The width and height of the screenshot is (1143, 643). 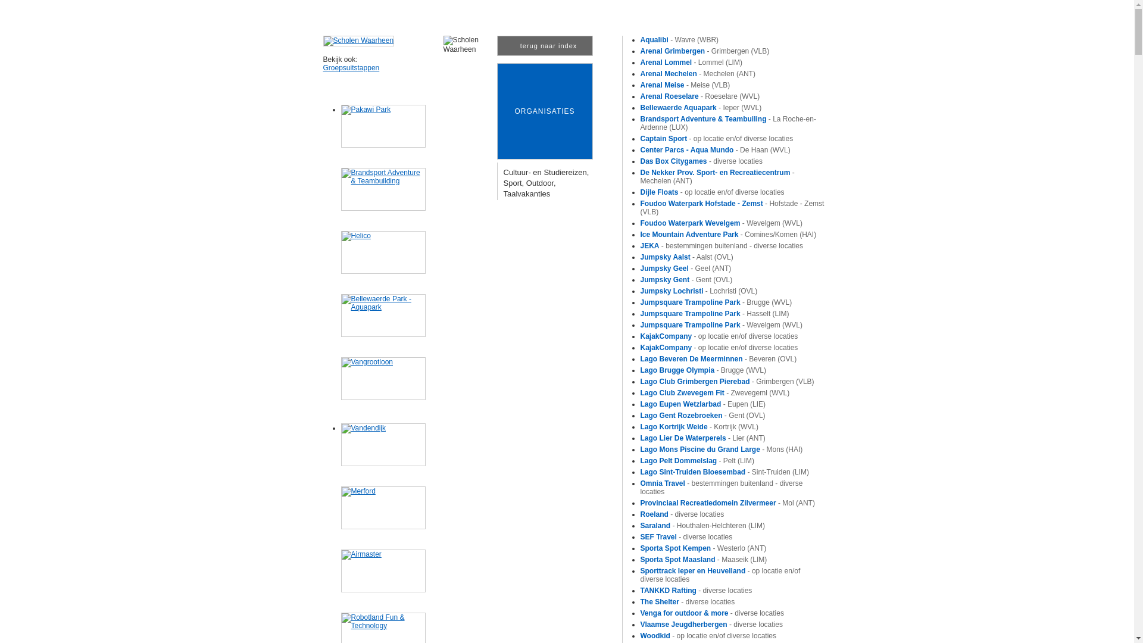 I want to click on 'Lago Lier De Waterperels - Lier (ANT)', so click(x=702, y=438).